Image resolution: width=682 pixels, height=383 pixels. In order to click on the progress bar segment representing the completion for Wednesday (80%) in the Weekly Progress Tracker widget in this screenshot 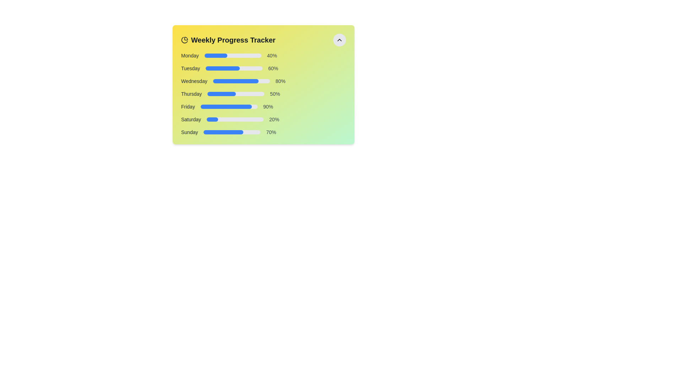, I will do `click(236, 81)`.